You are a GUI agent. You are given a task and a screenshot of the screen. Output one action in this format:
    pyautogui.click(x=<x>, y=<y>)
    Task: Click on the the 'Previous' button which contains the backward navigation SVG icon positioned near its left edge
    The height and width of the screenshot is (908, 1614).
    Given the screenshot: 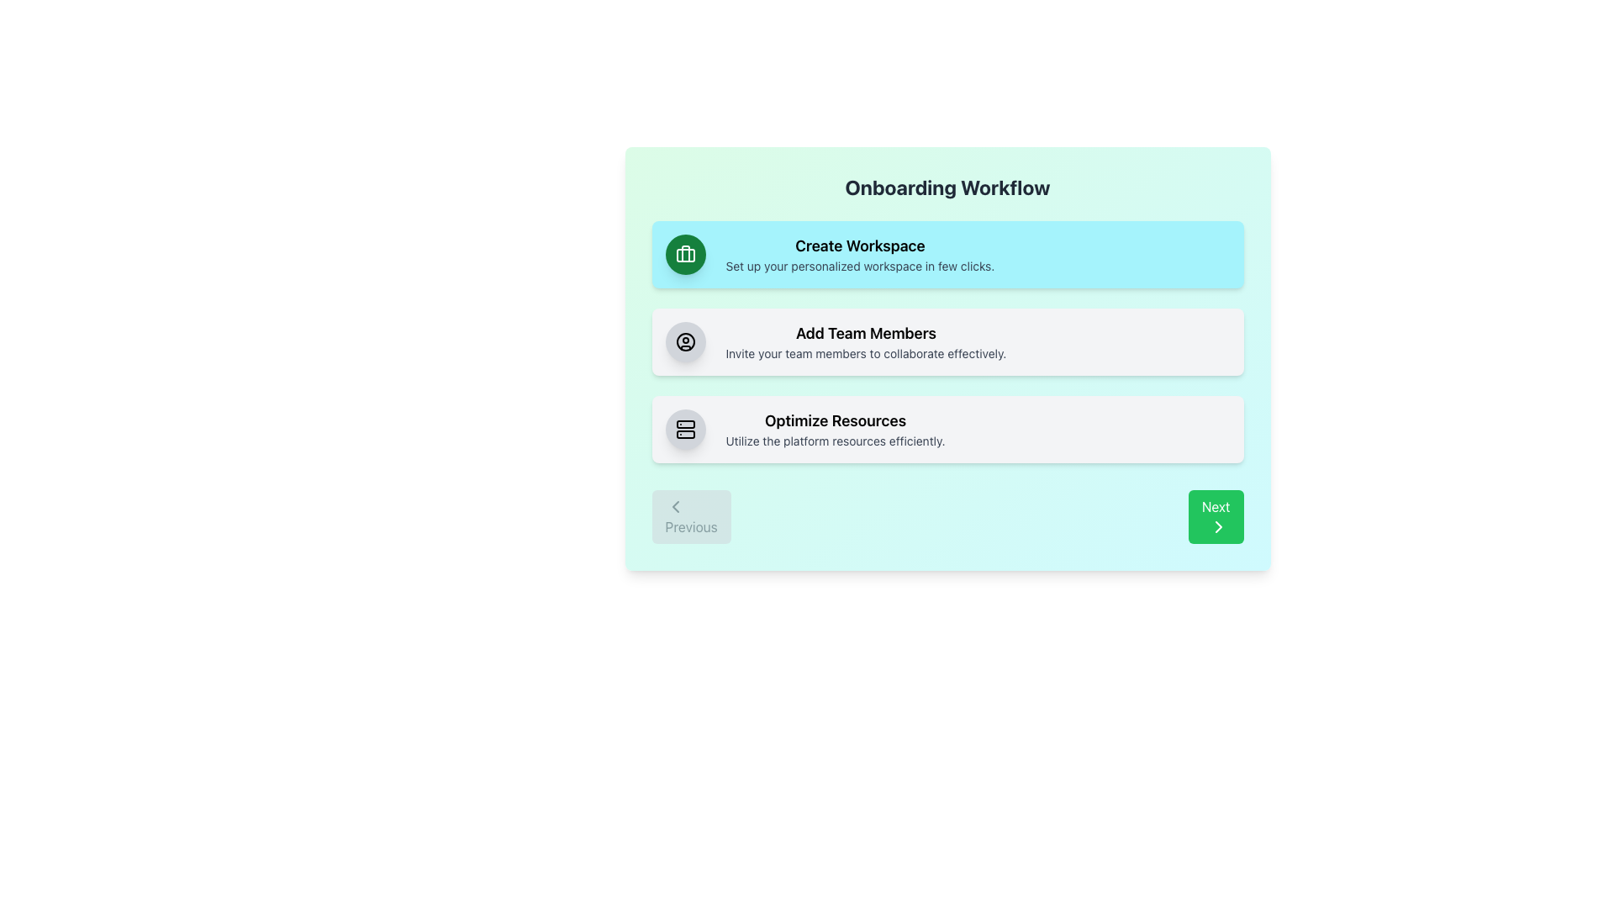 What is the action you would take?
    pyautogui.click(x=675, y=505)
    